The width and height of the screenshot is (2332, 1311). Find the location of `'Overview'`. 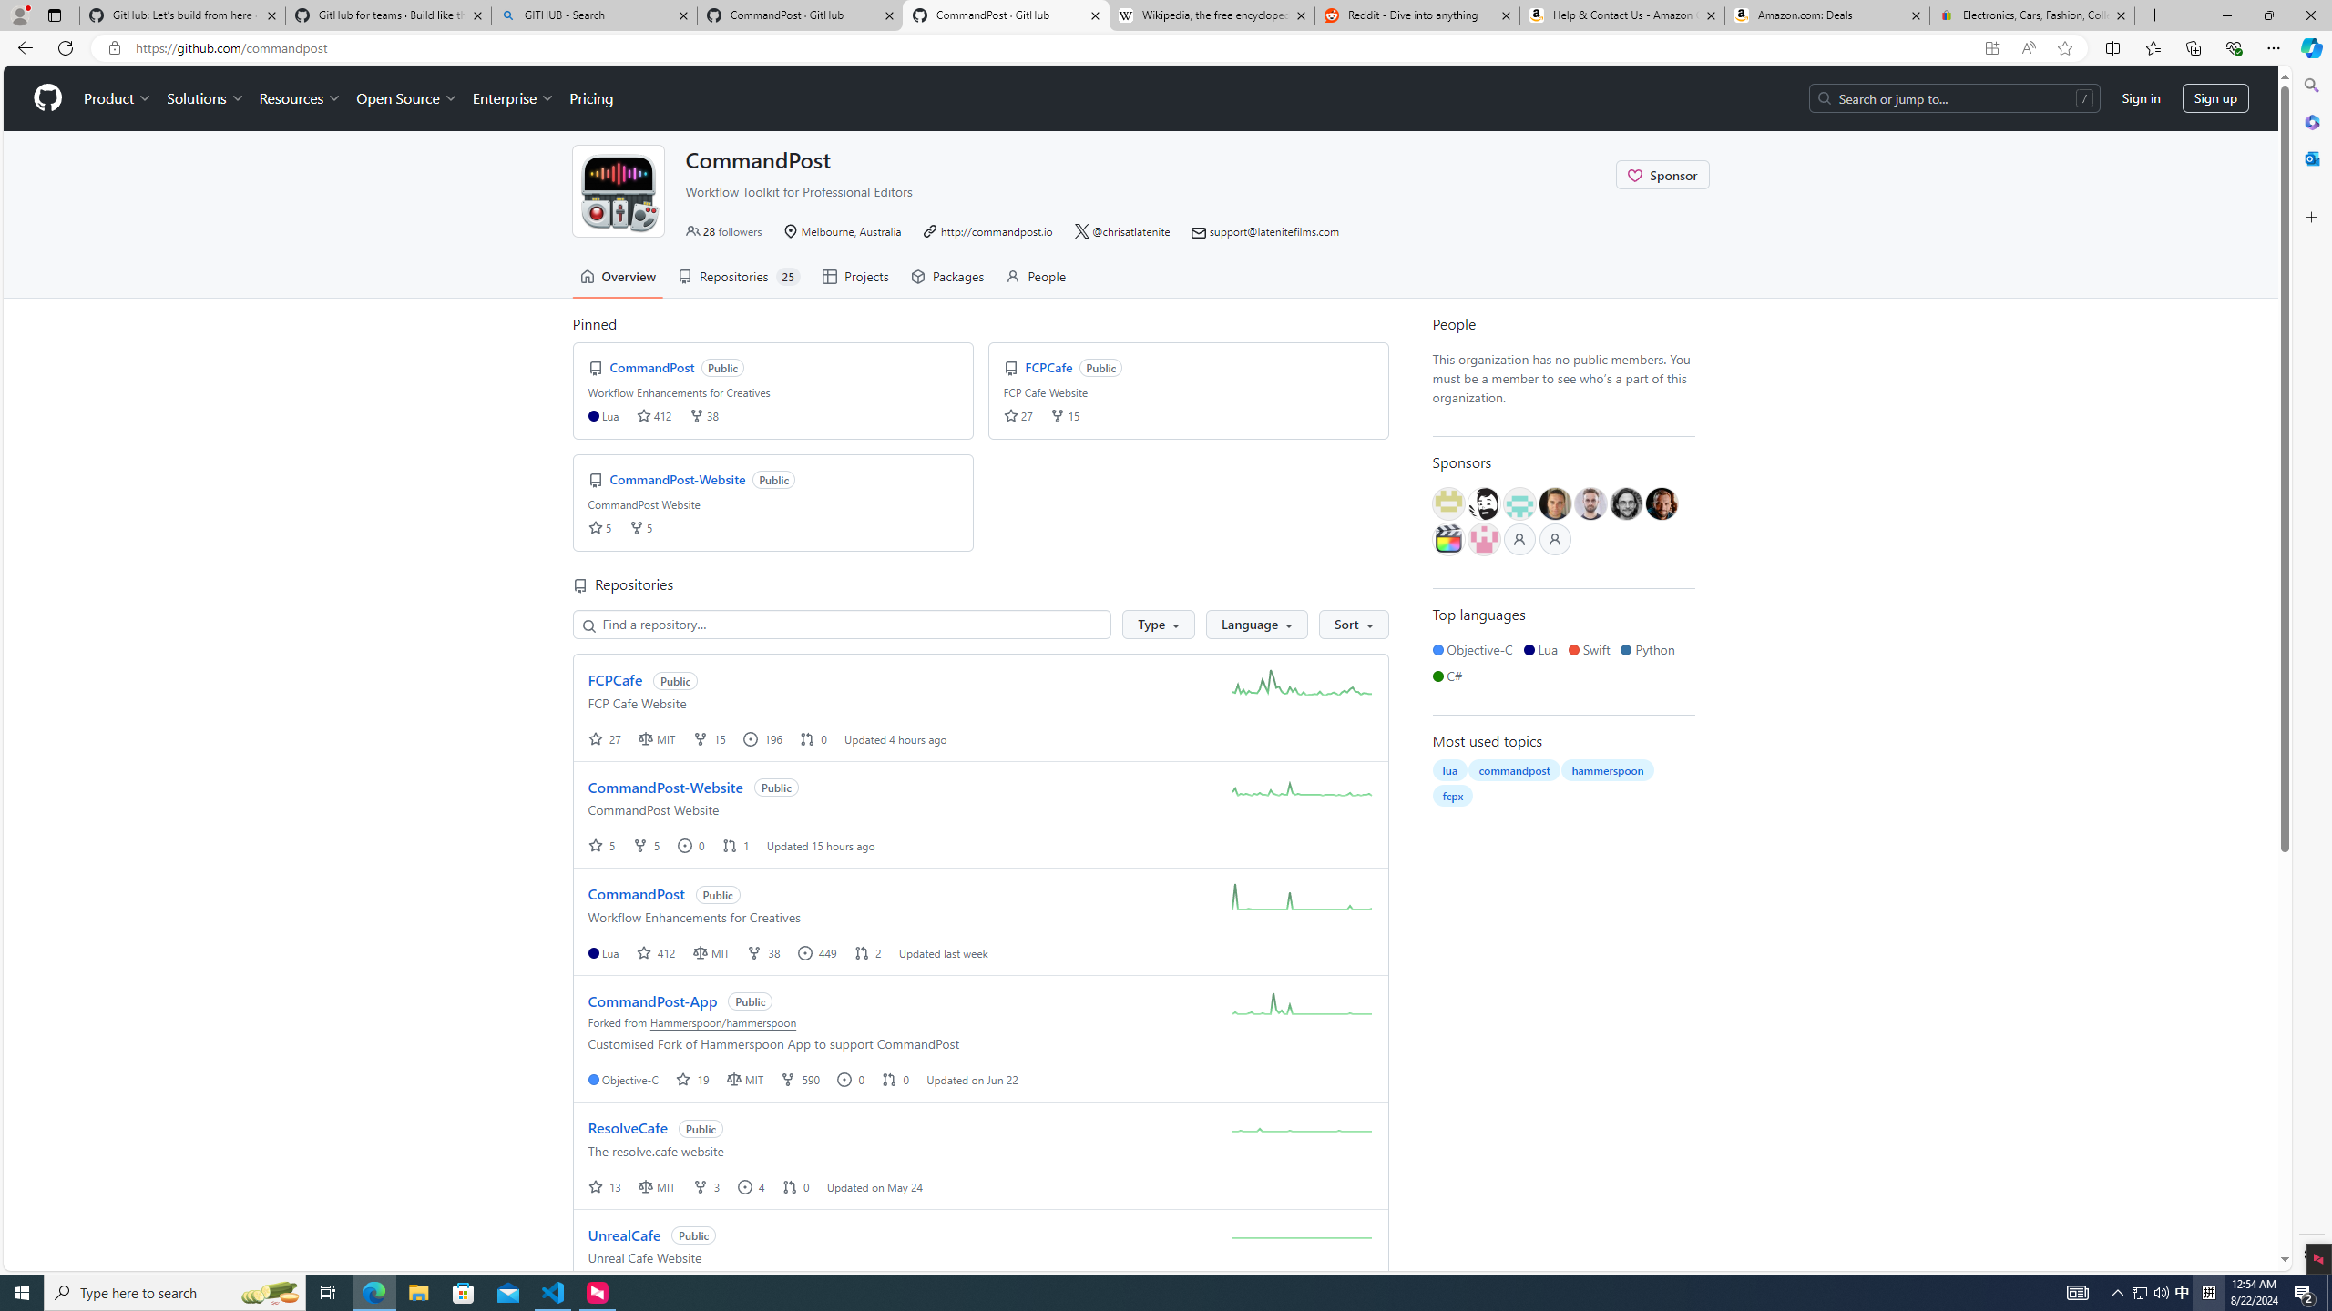

'Overview' is located at coordinates (617, 276).